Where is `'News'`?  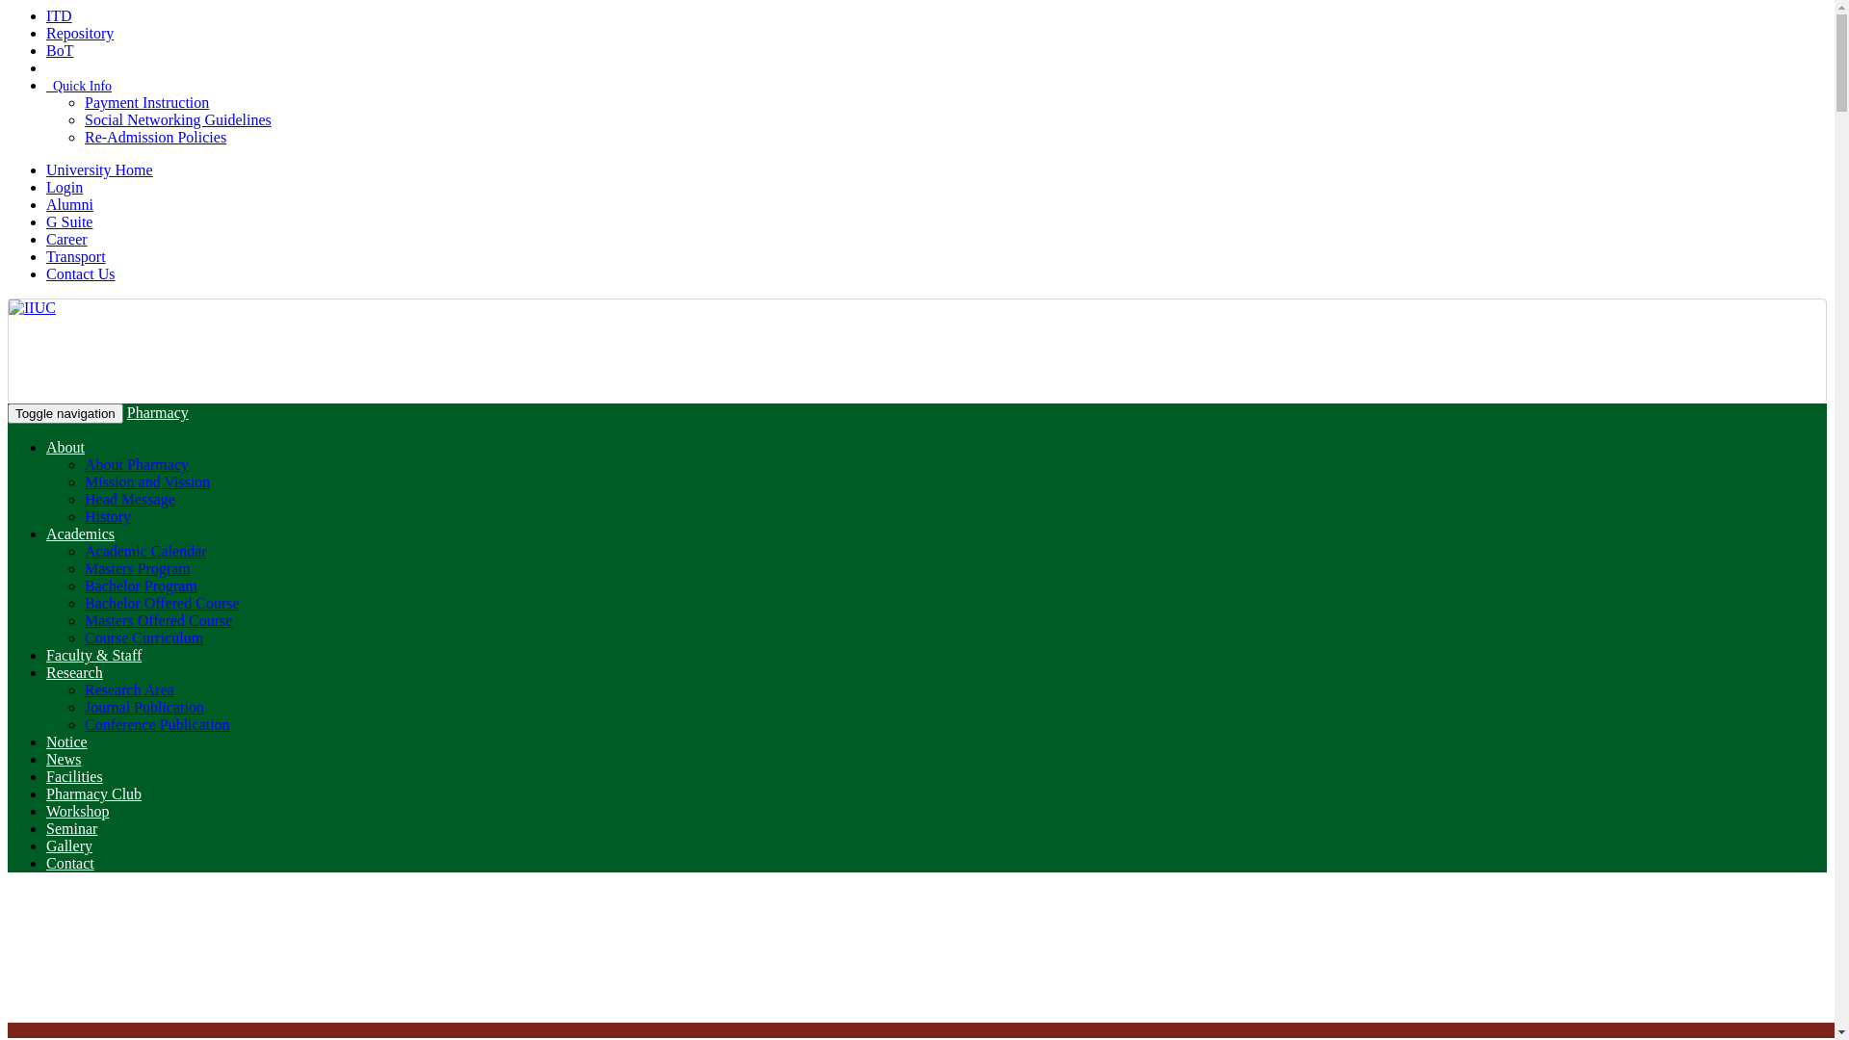 'News' is located at coordinates (64, 758).